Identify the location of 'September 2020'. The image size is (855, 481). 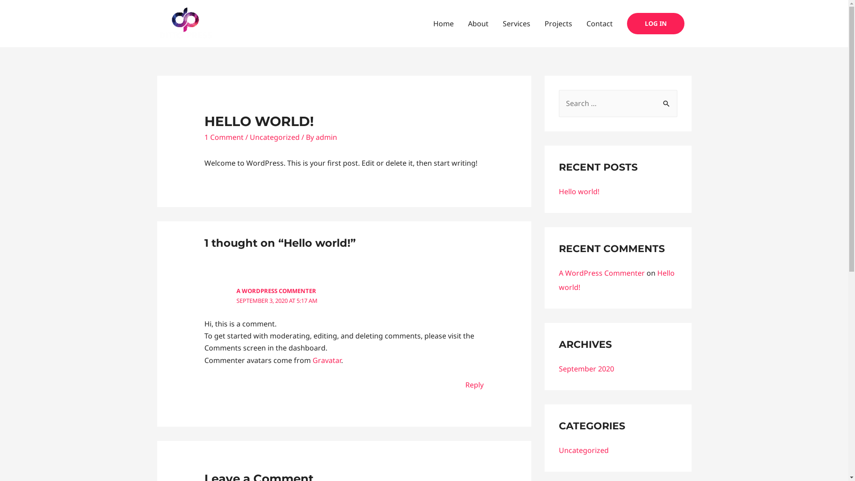
(586, 369).